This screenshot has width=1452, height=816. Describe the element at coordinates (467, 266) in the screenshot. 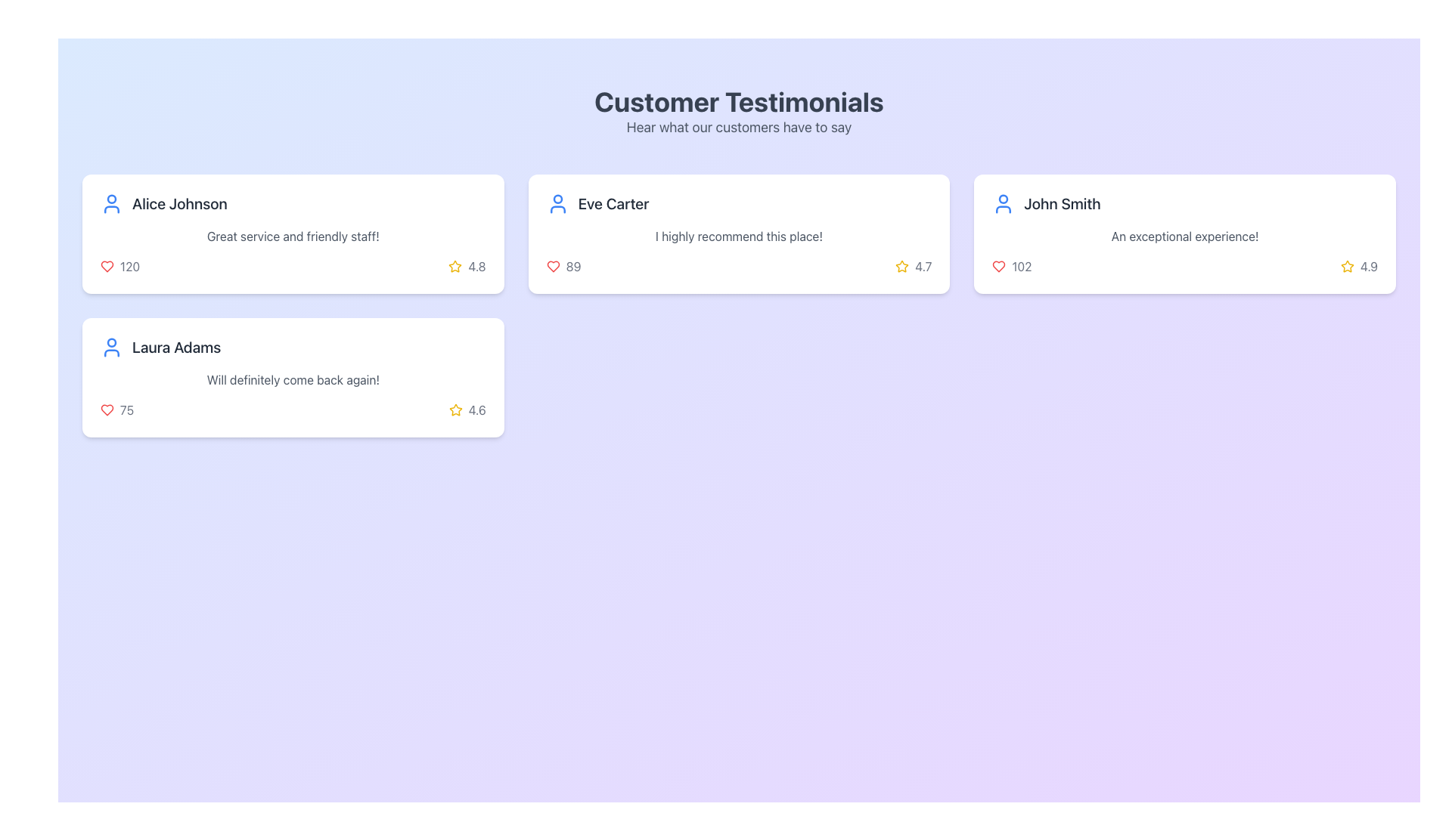

I see `the numeric representation of the rating indicator for 'Alice Johnson', which visually indicates a rating of 4.8 and is located in the rightmost segment of the card, adjacent to the right border` at that location.